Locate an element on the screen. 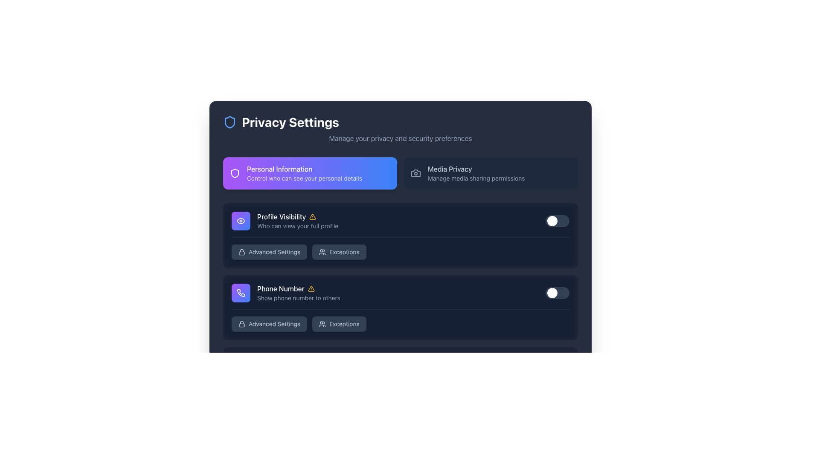 This screenshot has width=819, height=460. the text label indicating the setting related to the phone number's visibility, which is located above the 'Show phone number to others' text and to the left of the orange warning icon is located at coordinates (299, 288).